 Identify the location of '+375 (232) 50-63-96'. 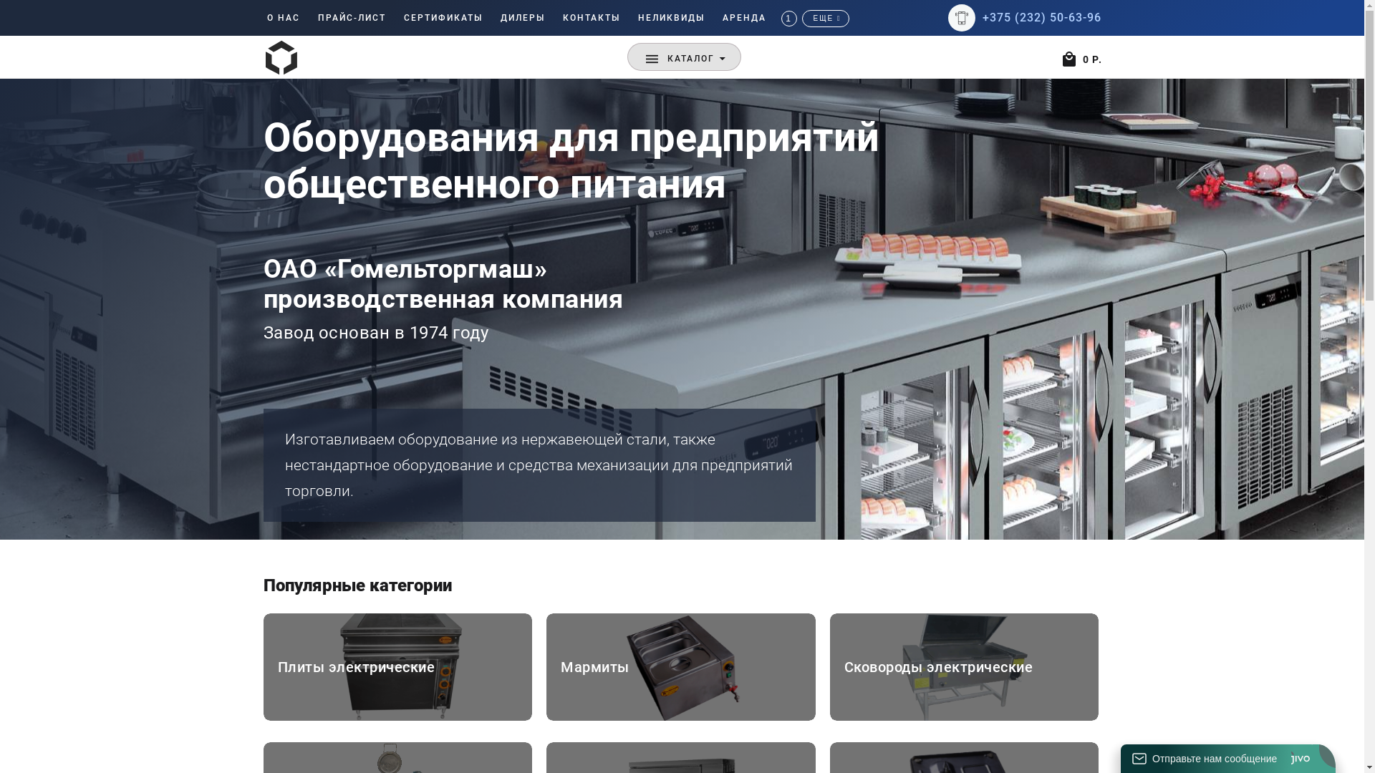
(1041, 16).